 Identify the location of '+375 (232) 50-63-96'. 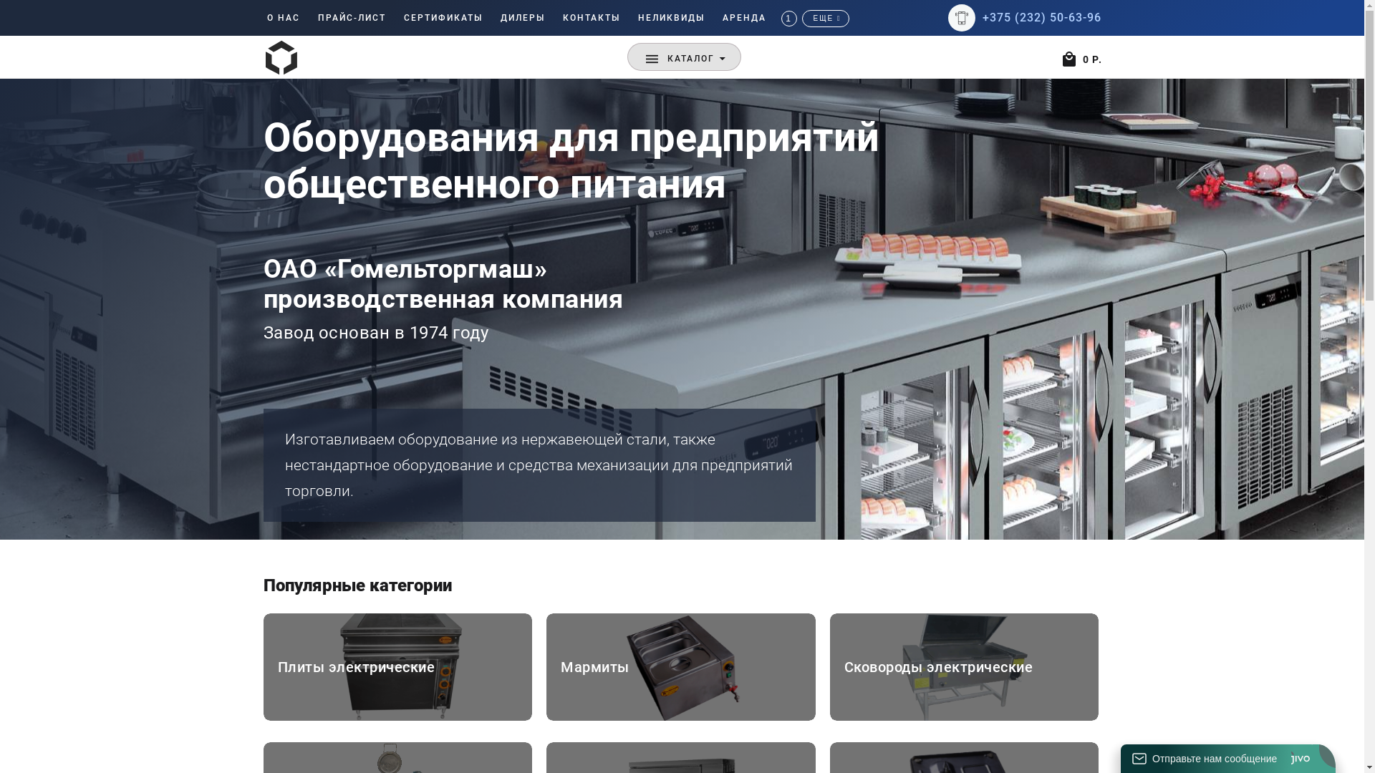
(1041, 16).